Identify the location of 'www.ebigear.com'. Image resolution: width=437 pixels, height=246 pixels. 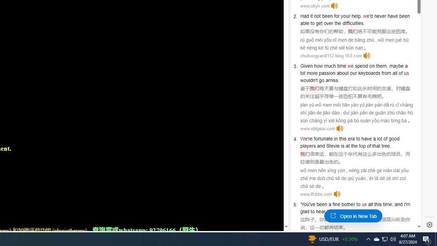
(317, 128).